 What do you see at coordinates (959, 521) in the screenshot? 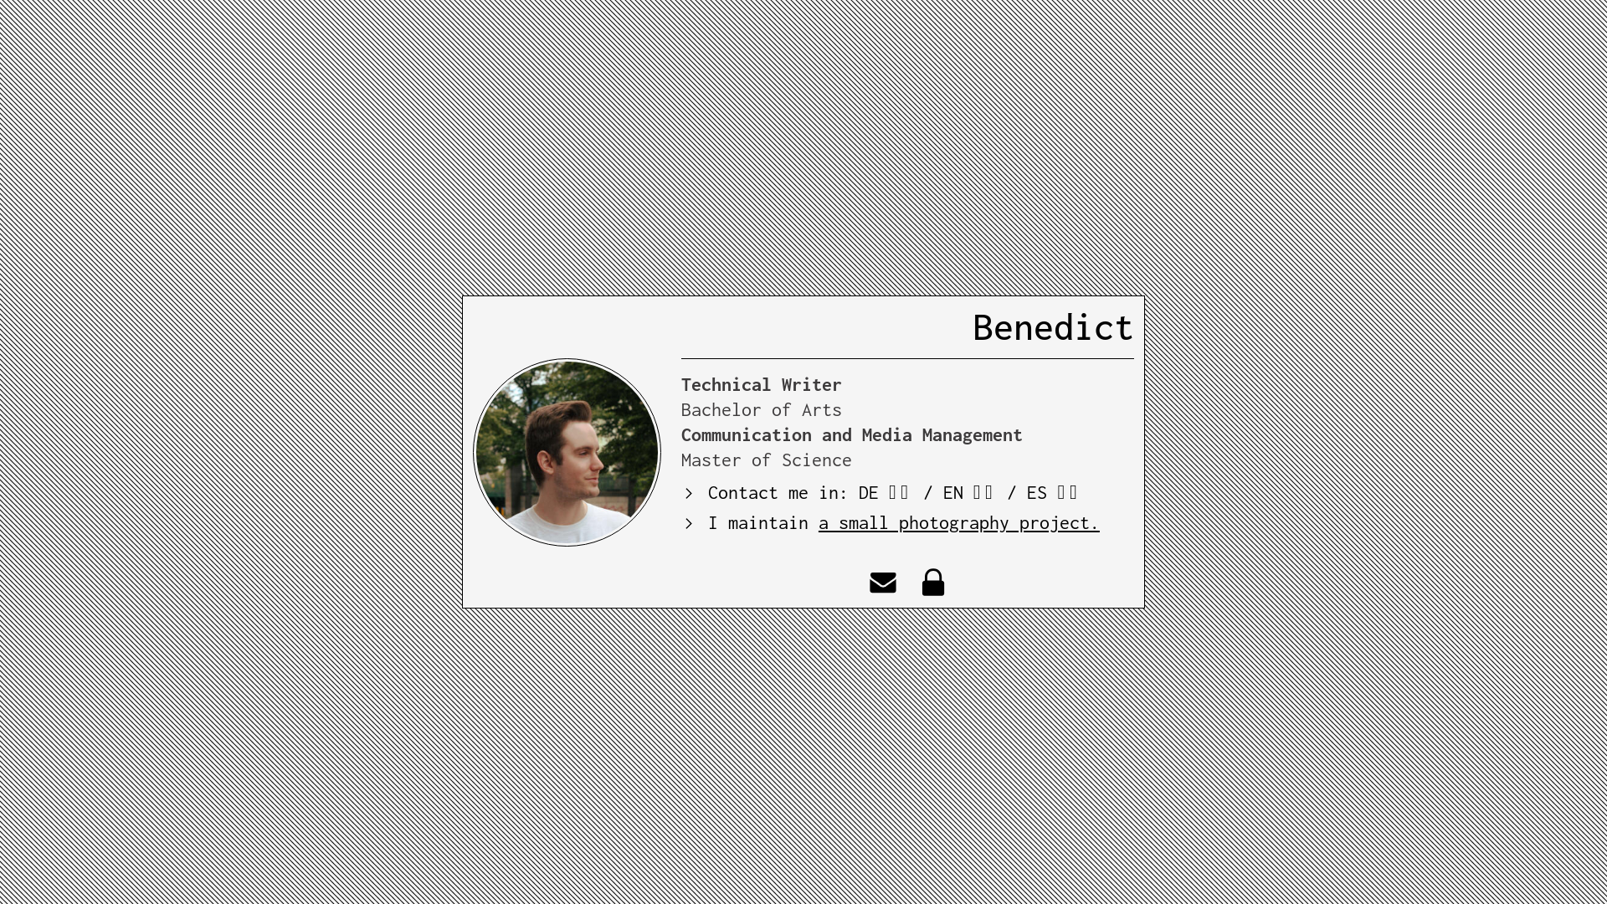
I see `'a small photography project.'` at bounding box center [959, 521].